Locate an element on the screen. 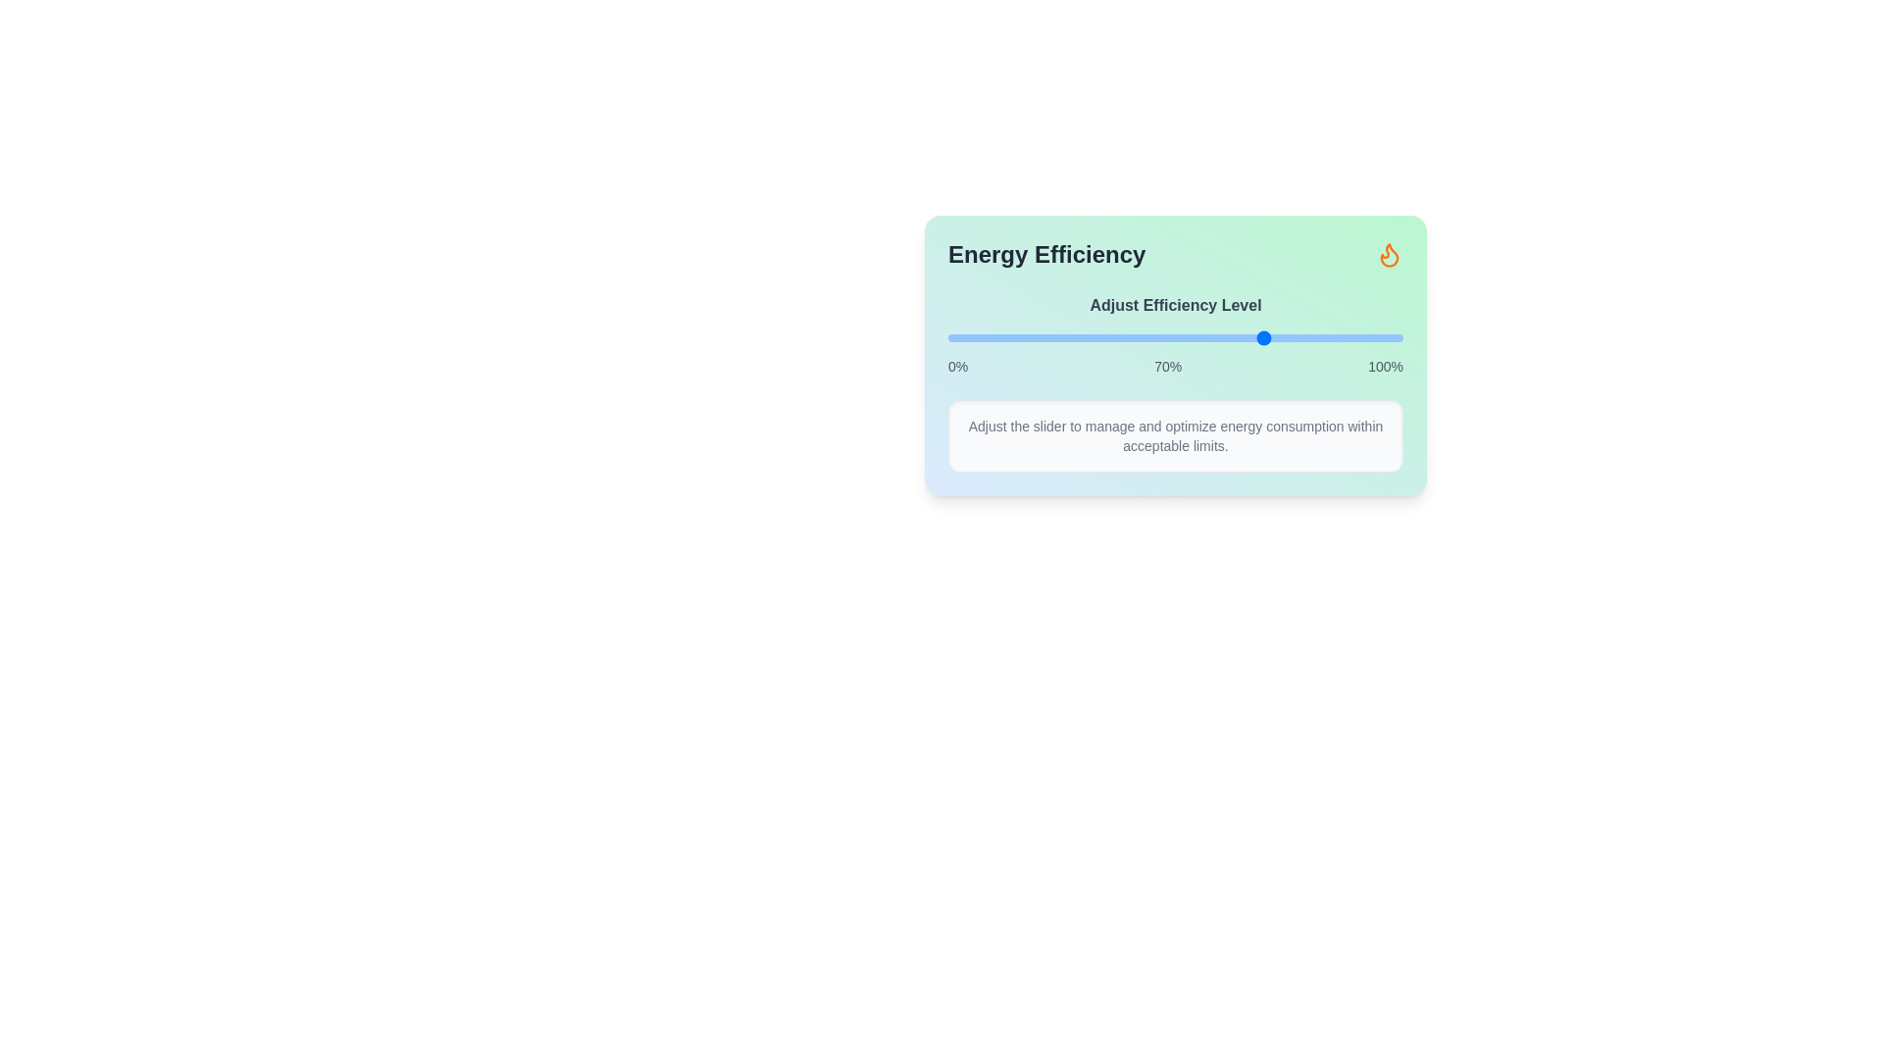  the decorative flame icon is located at coordinates (1388, 253).